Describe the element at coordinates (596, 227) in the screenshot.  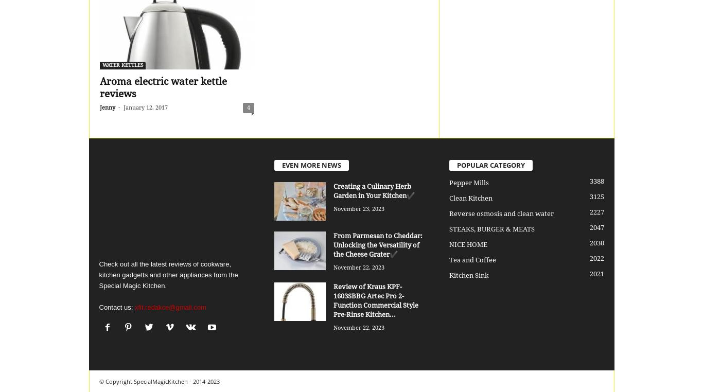
I see `'2047'` at that location.